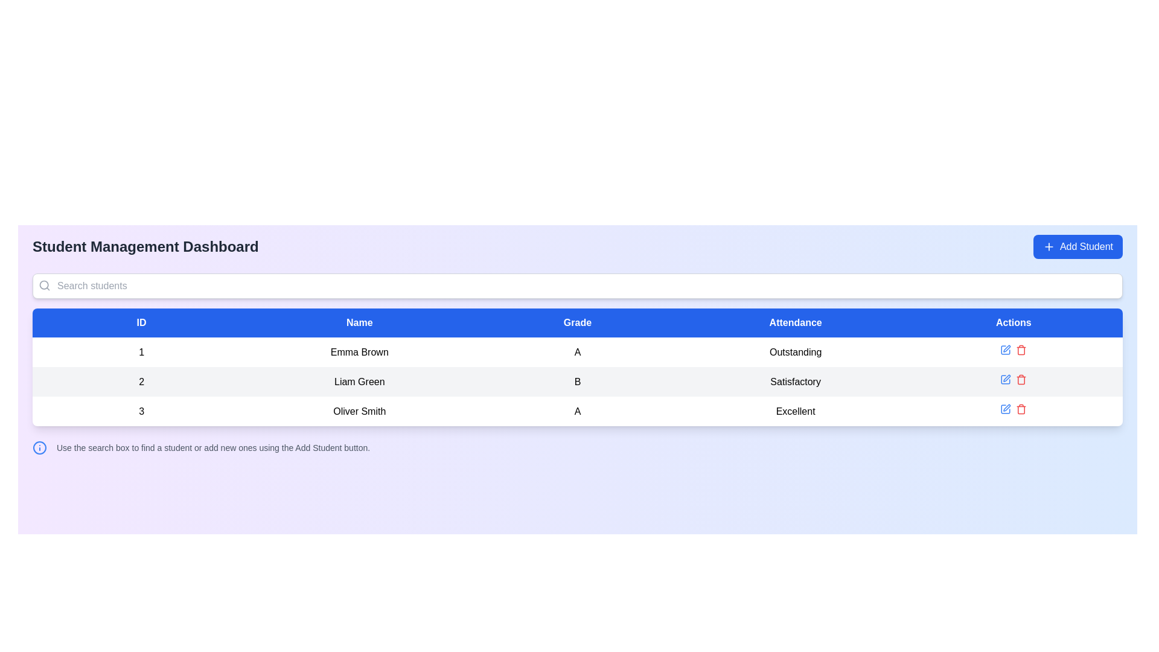  Describe the element at coordinates (796, 352) in the screenshot. I see `the static text label indicating attendance for 'Emma Brown' in the Attendance column of the table` at that location.